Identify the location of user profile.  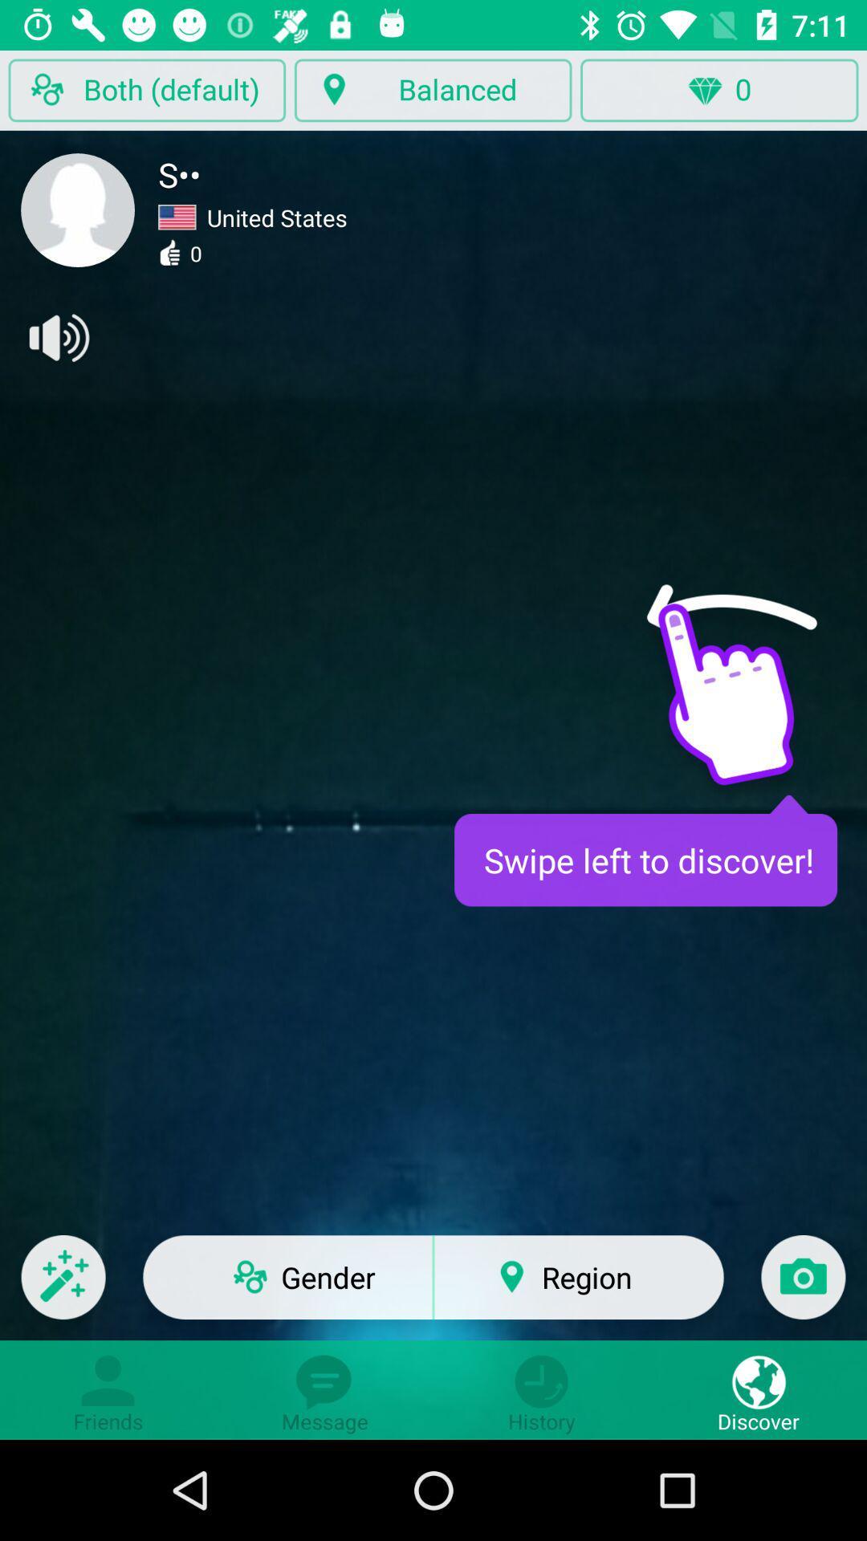
(78, 209).